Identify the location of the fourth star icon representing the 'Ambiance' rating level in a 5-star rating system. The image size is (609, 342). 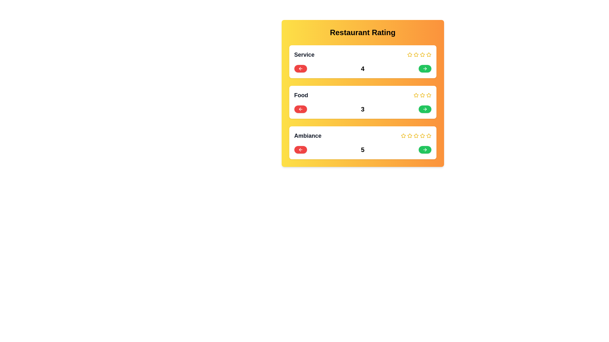
(416, 135).